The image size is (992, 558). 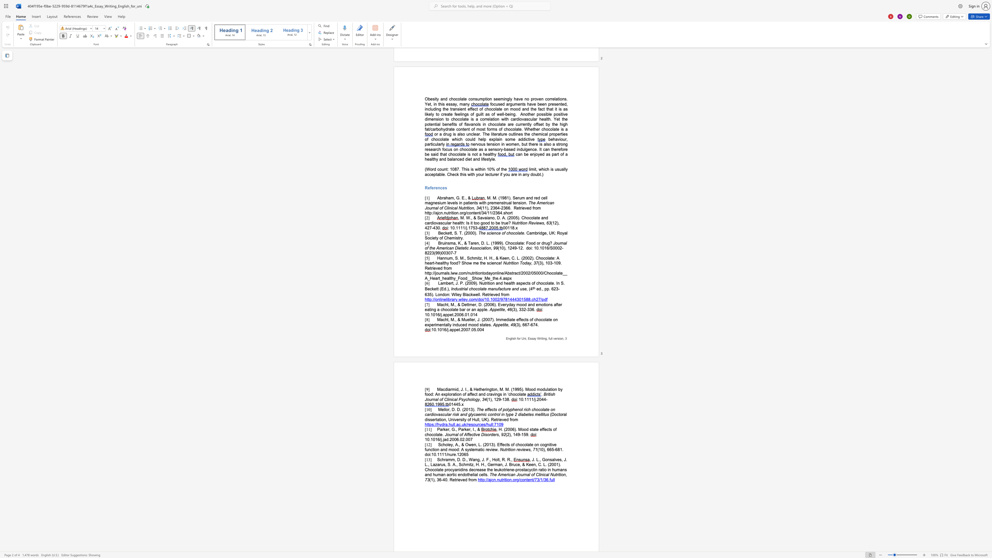 What do you see at coordinates (437, 429) in the screenshot?
I see `the subset text "Parker, G., Par" within the text "Parker, G., Parker, I., &"` at bounding box center [437, 429].